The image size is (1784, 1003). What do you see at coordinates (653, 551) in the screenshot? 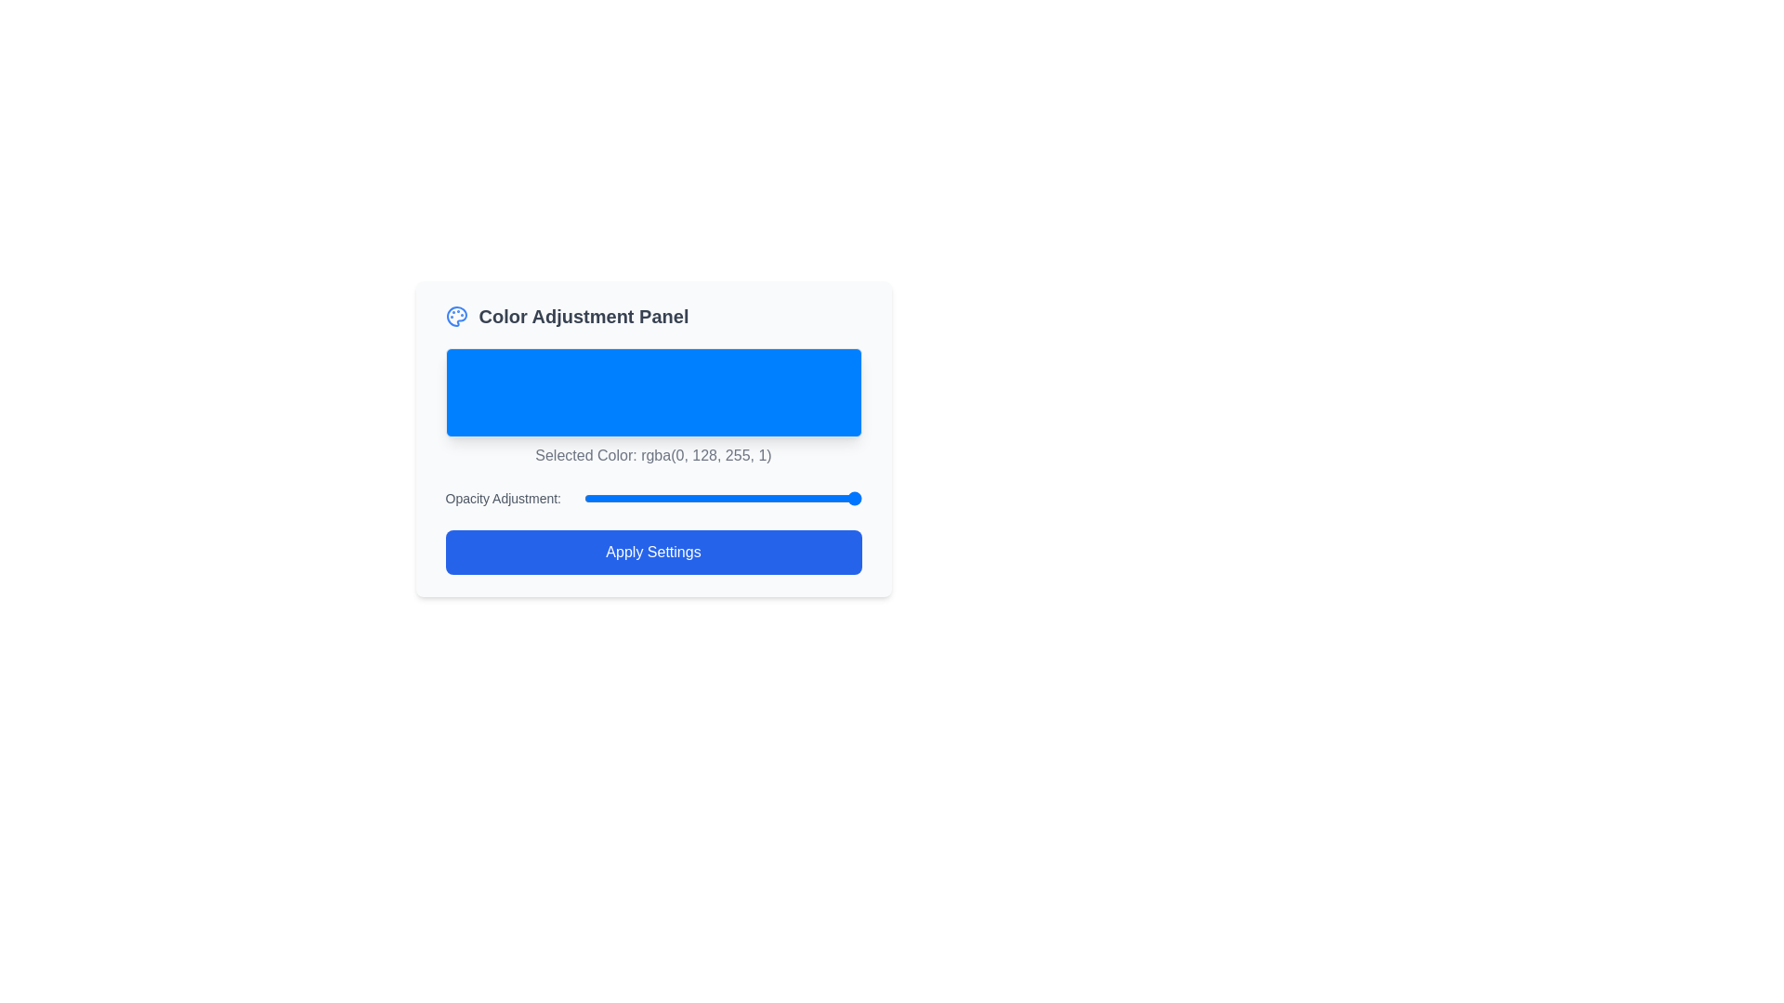
I see `the blue 'Apply Settings' button` at bounding box center [653, 551].